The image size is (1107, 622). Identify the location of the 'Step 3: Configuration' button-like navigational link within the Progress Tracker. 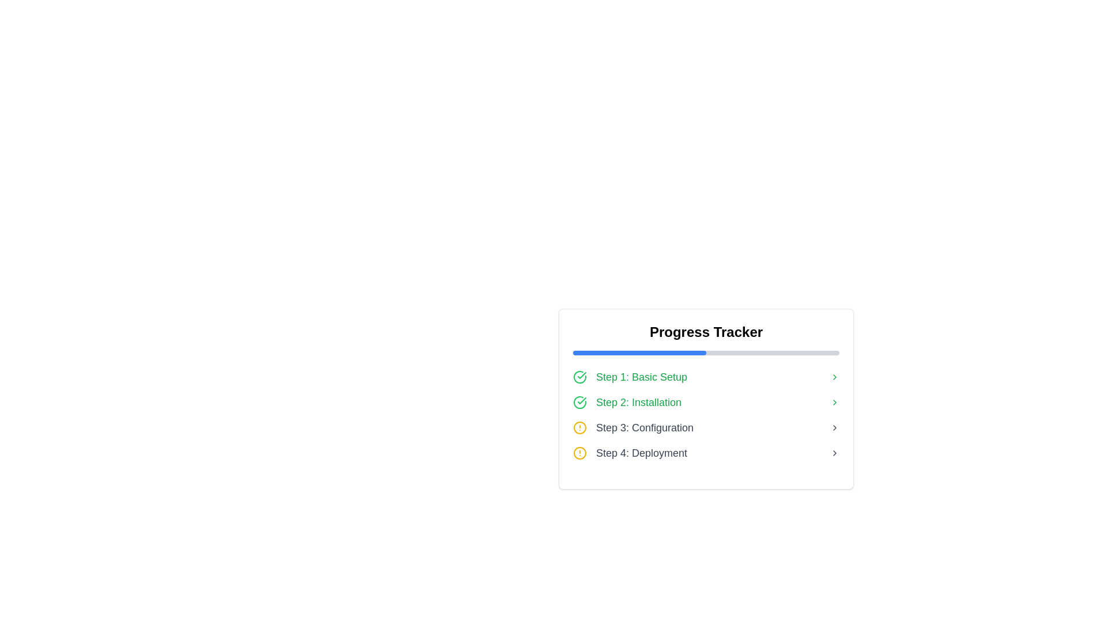
(705, 428).